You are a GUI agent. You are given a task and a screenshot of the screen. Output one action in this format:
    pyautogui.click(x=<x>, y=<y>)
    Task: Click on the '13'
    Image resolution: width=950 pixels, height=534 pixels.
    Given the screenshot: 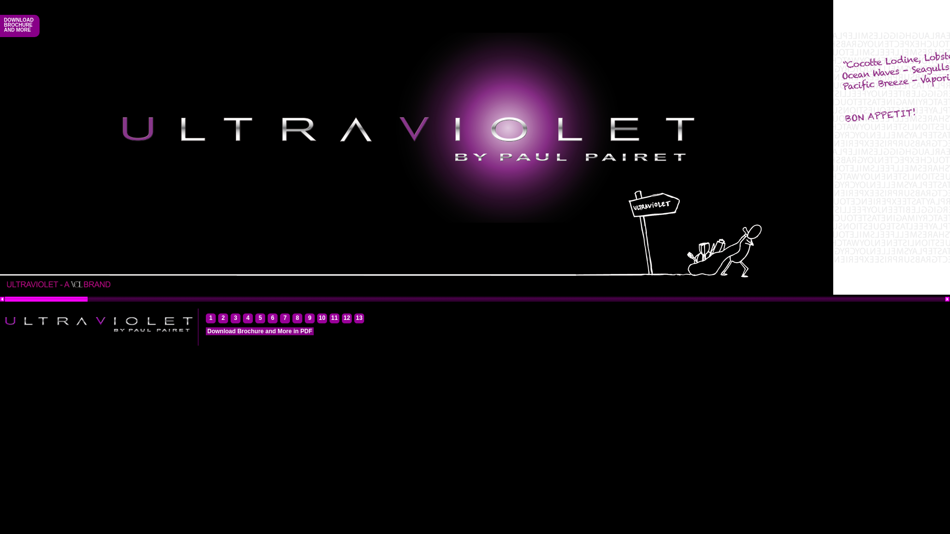 What is the action you would take?
    pyautogui.click(x=358, y=318)
    